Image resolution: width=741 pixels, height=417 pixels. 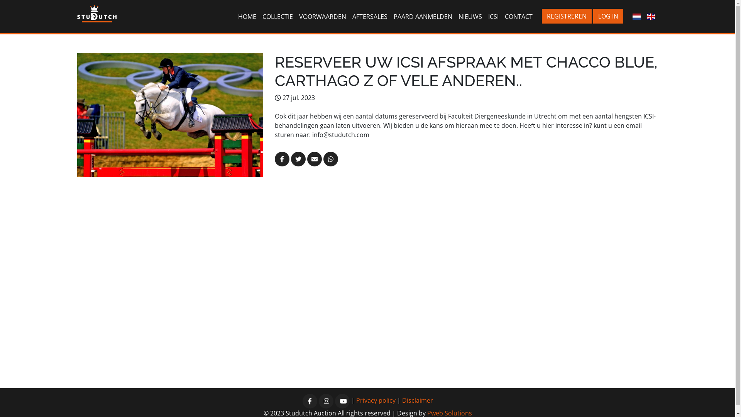 I want to click on 'Disclaimer', so click(x=417, y=400).